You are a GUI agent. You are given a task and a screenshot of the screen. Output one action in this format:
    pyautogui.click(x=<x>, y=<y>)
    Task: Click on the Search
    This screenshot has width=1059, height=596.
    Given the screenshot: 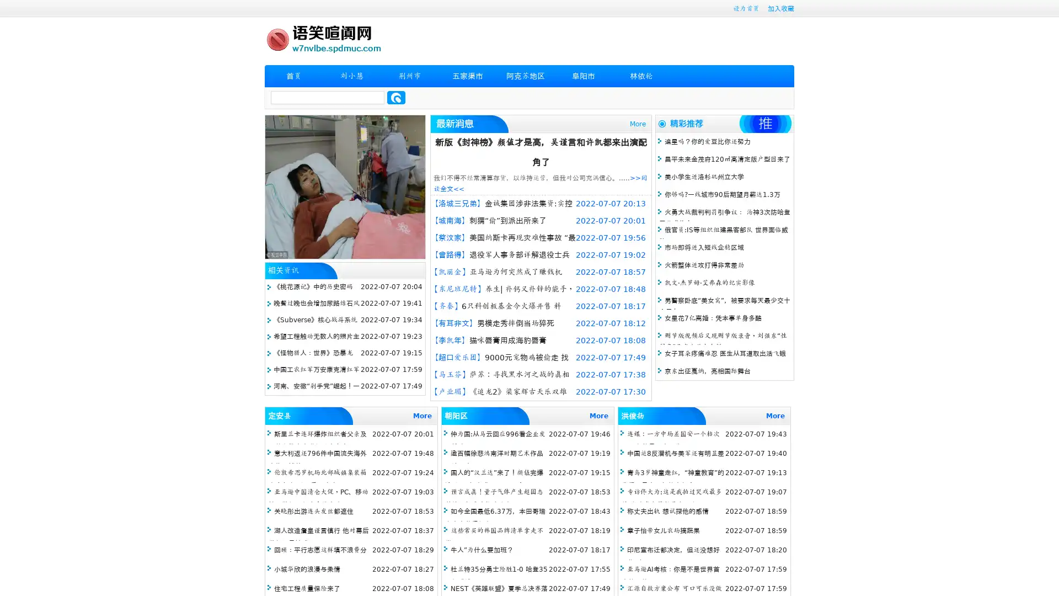 What is the action you would take?
    pyautogui.click(x=396, y=97)
    